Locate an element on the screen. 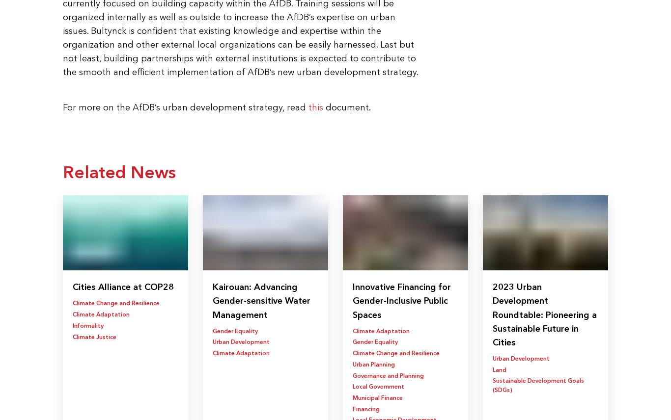 This screenshot has width=671, height=420. 'Innovative Financing for Gender-Inclusive Public Spaces' is located at coordinates (401, 300).